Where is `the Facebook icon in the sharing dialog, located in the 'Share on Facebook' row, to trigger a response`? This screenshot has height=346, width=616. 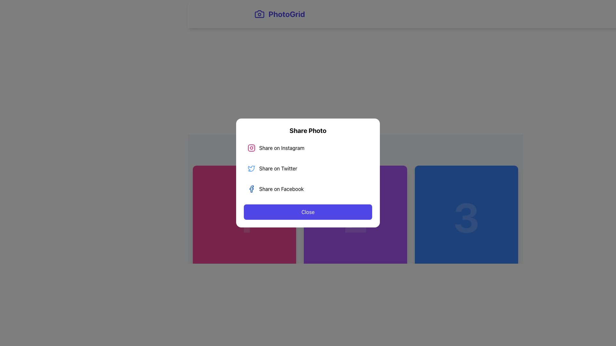
the Facebook icon in the sharing dialog, located in the 'Share on Facebook' row, to trigger a response is located at coordinates (251, 189).